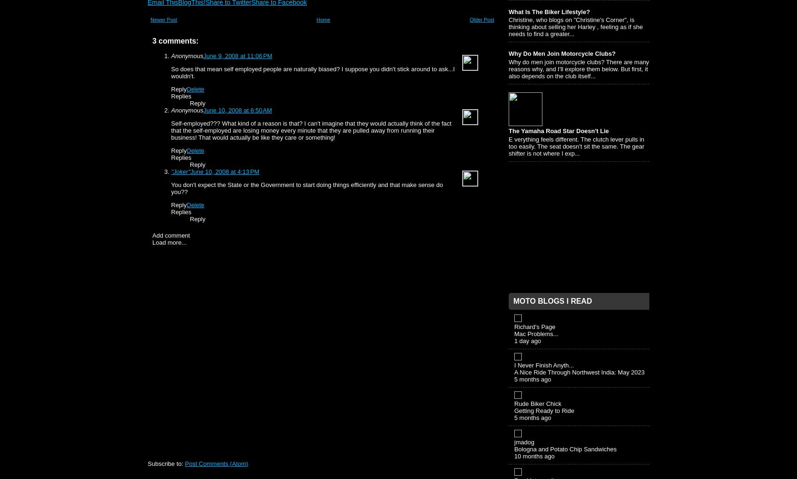 This screenshot has width=797, height=479. What do you see at coordinates (152, 40) in the screenshot?
I see `'3 comments:'` at bounding box center [152, 40].